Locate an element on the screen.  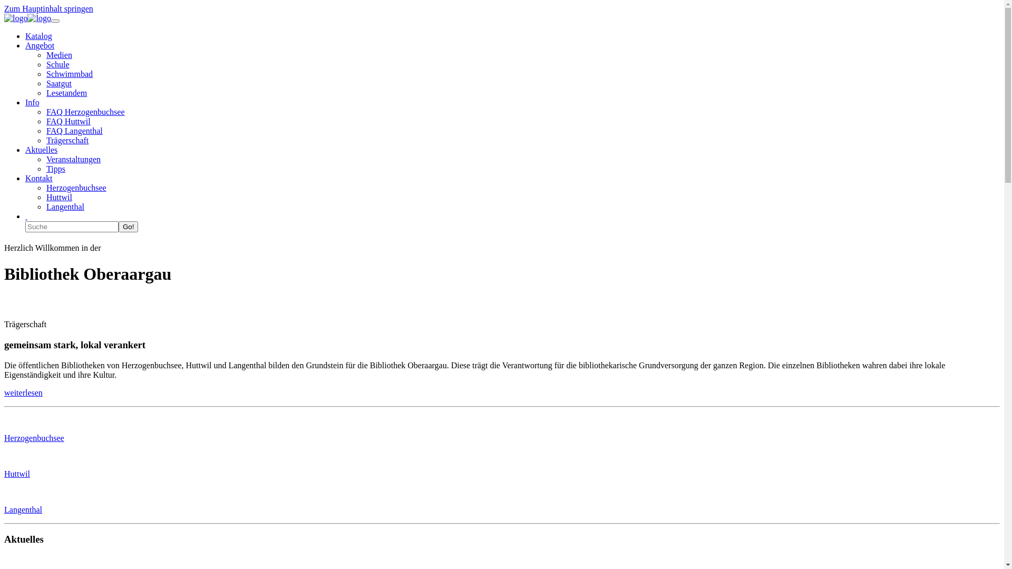
'Schwimmbad' is located at coordinates (69, 73).